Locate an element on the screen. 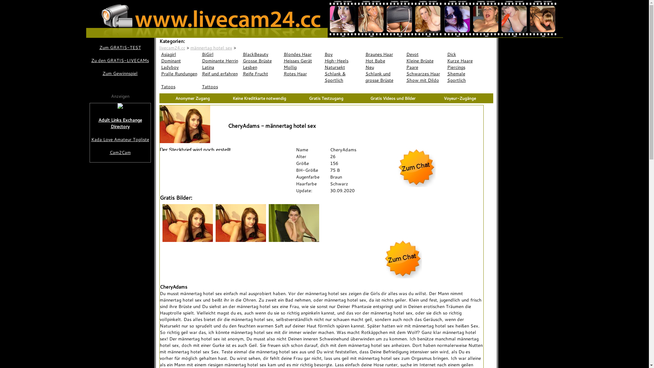 The image size is (654, 368). 'Asiagirl' is located at coordinates (180, 54).